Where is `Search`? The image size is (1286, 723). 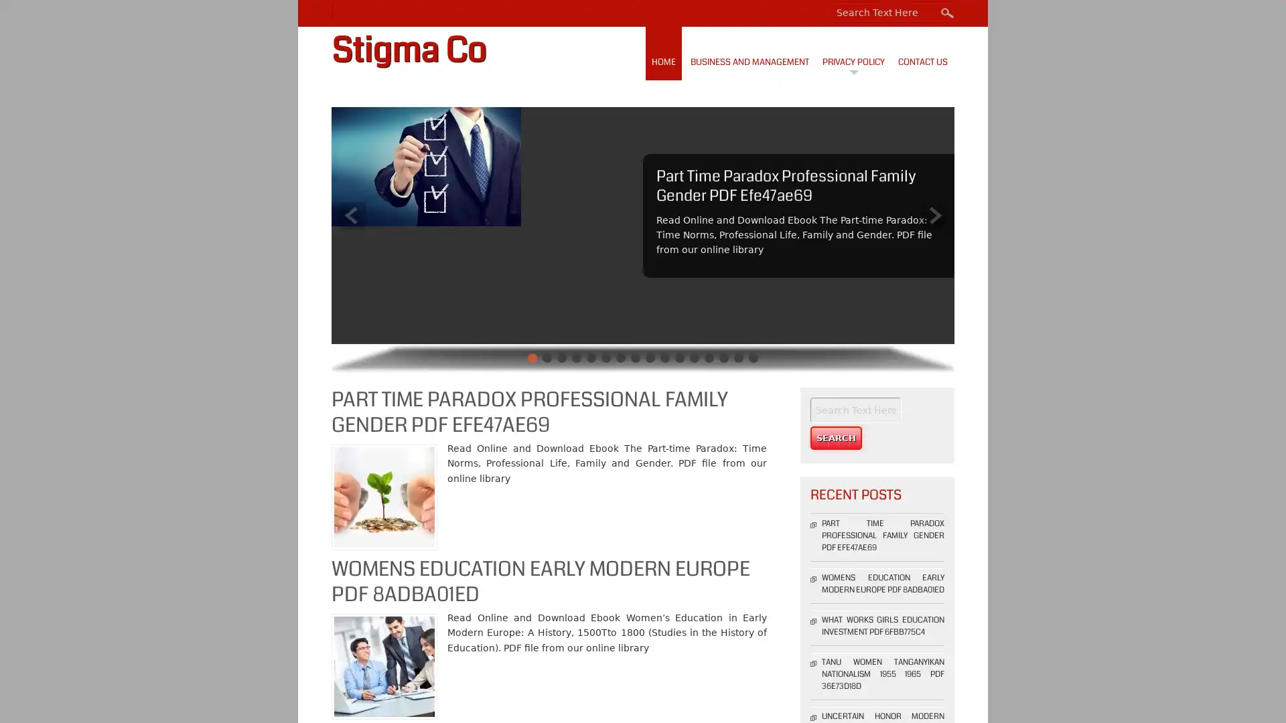 Search is located at coordinates (835, 438).